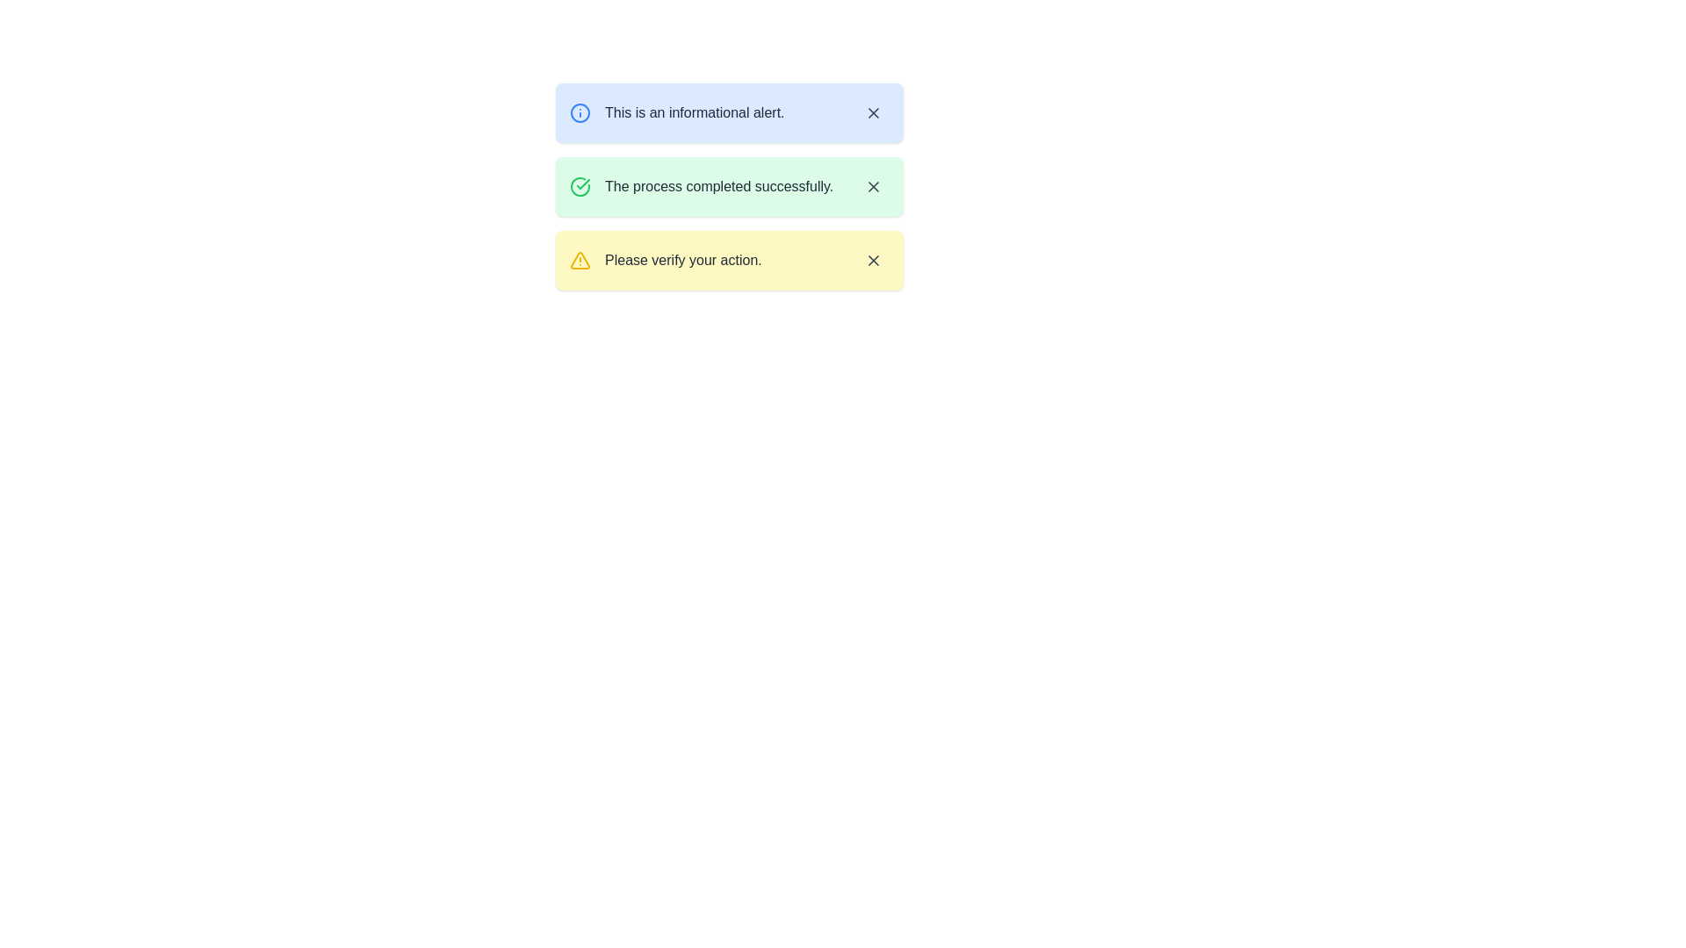 The width and height of the screenshot is (1686, 948). What do you see at coordinates (873, 186) in the screenshot?
I see `the dismiss icon located in the green notification box stating 'The process completed successfully.'` at bounding box center [873, 186].